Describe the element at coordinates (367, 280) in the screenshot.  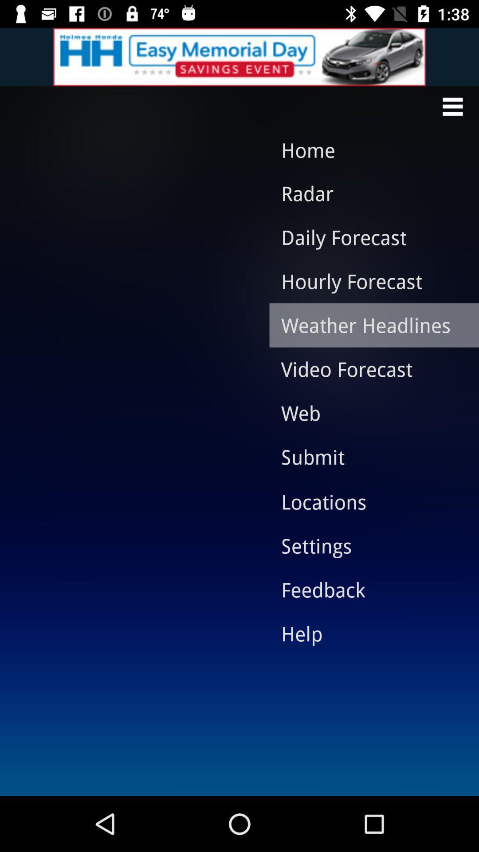
I see `hourly forecast` at that location.